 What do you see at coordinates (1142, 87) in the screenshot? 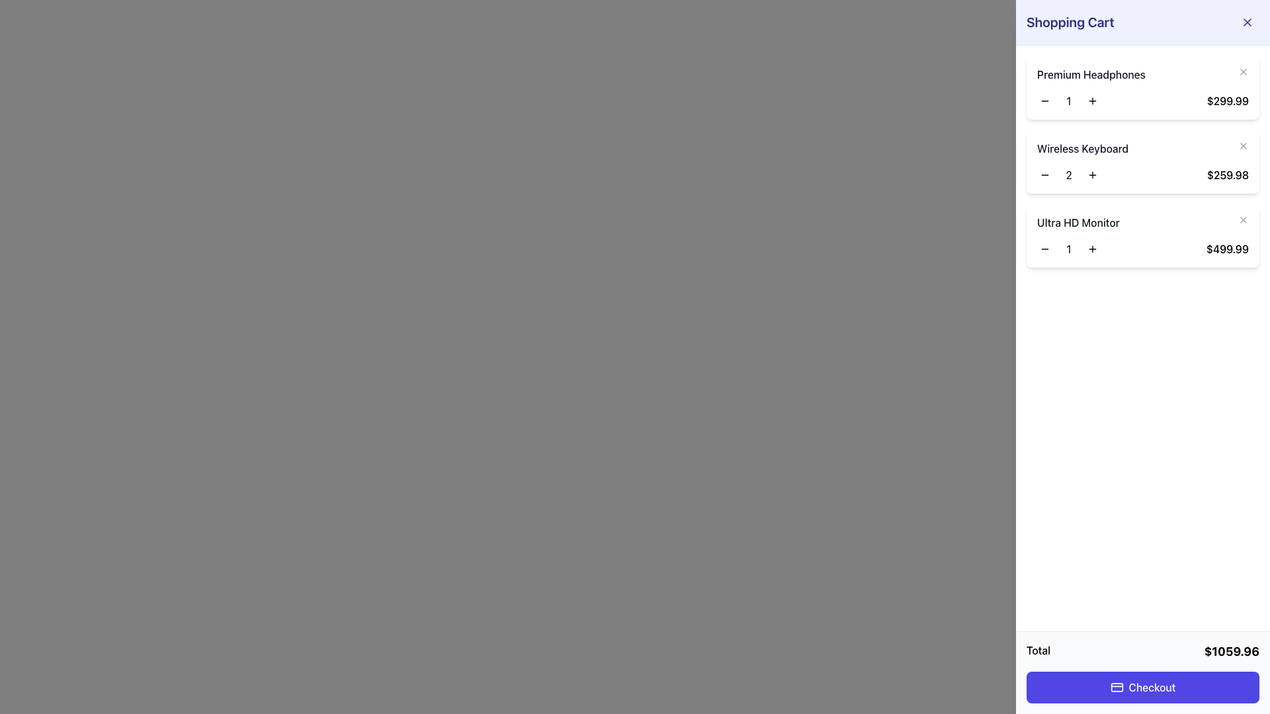
I see `the plus button on the 'Premium Headphones' product item card in the shopping cart to increase the quantity` at bounding box center [1142, 87].